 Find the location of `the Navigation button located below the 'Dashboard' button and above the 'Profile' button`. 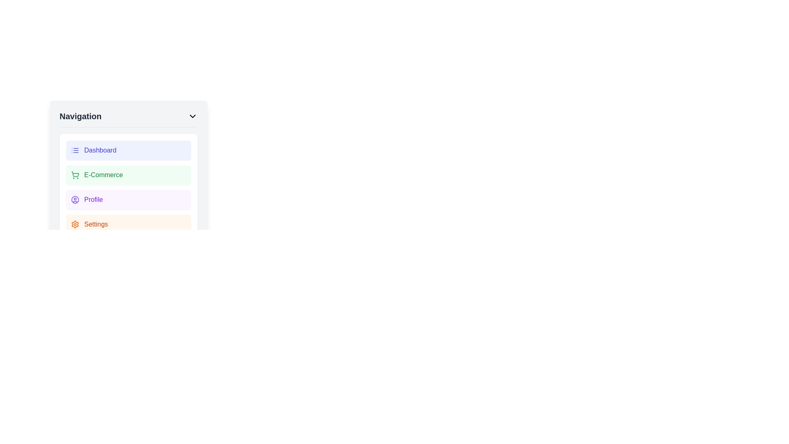

the Navigation button located below the 'Dashboard' button and above the 'Profile' button is located at coordinates (128, 175).